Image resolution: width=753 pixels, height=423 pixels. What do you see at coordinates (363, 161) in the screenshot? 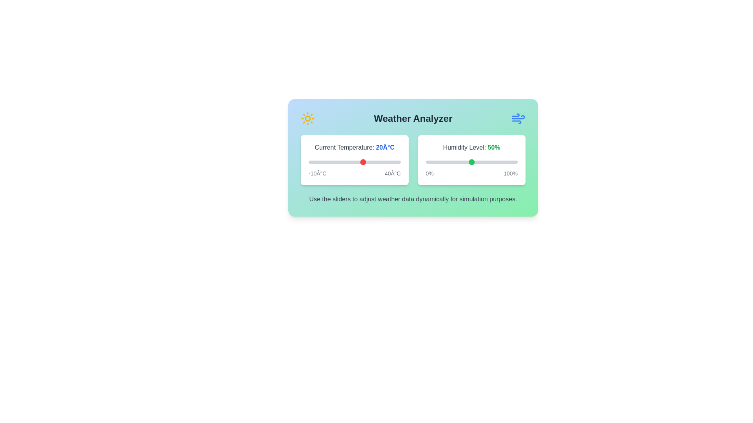
I see `the temperature slider to 20°C` at bounding box center [363, 161].